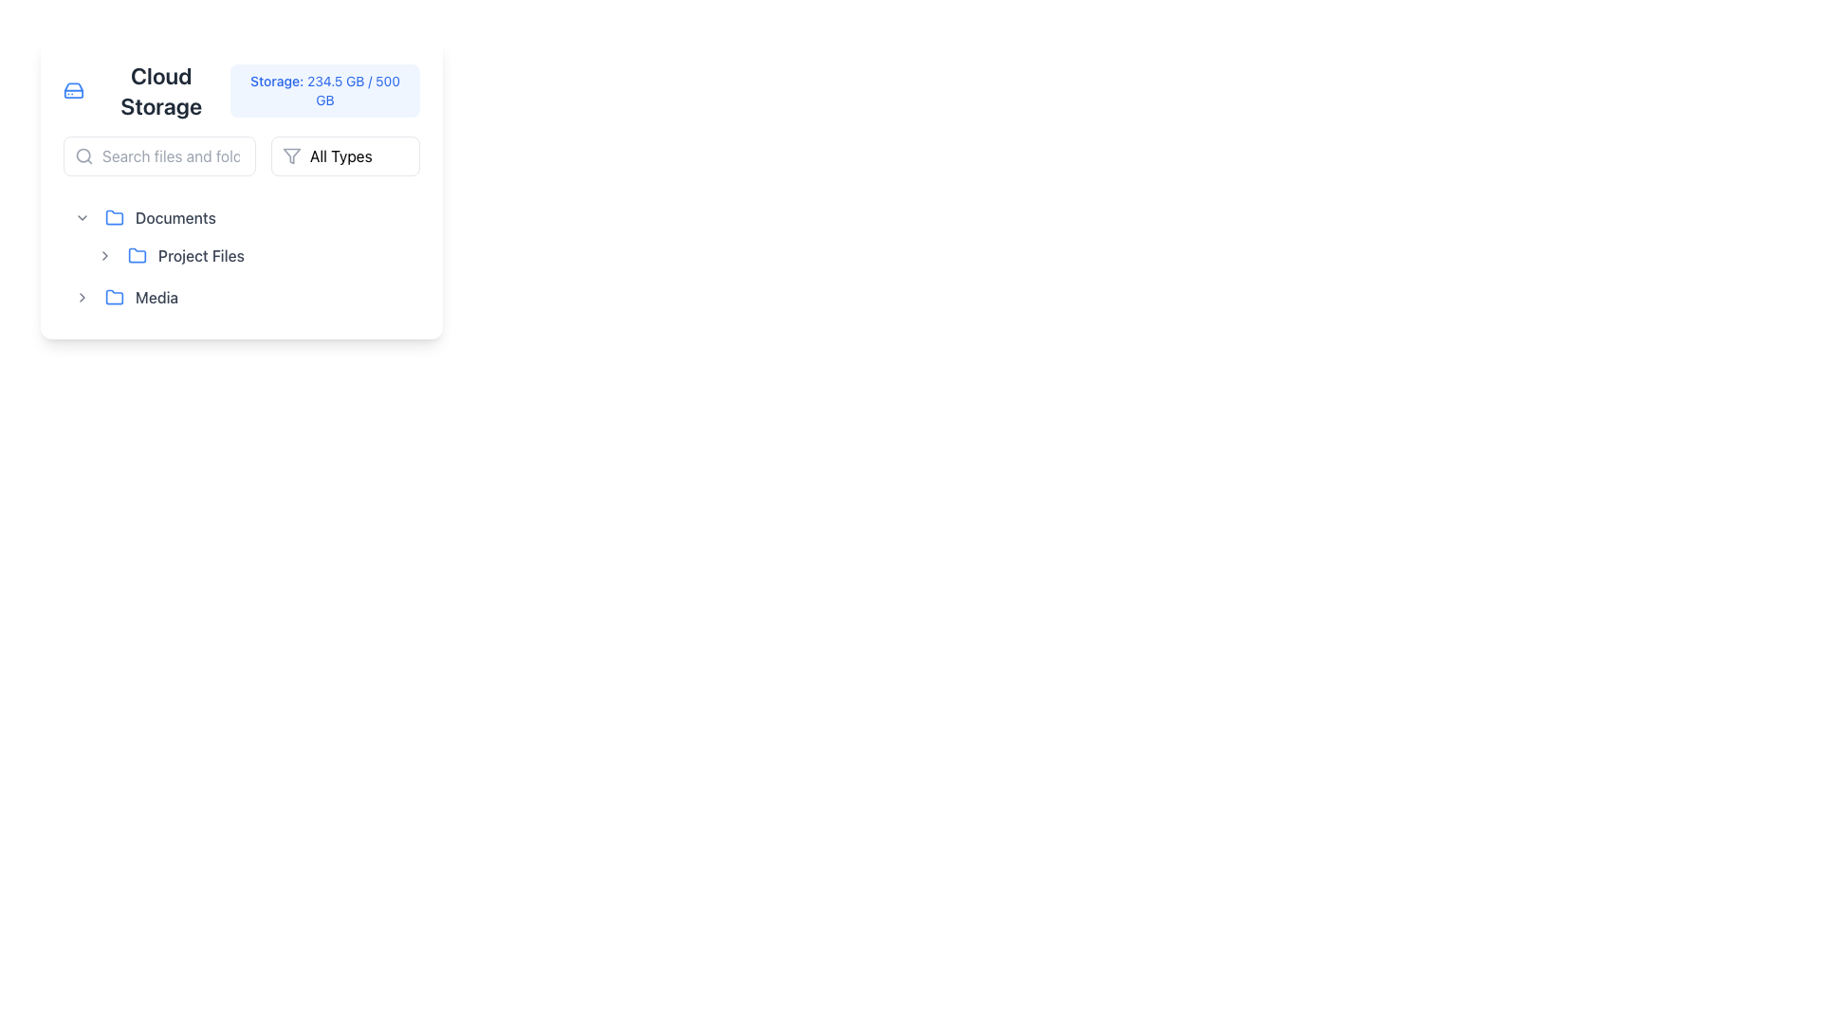 Image resolution: width=1821 pixels, height=1024 pixels. Describe the element at coordinates (113, 215) in the screenshot. I see `the 'Documents' folder icon located in the 'Cloud Storage' section` at that location.